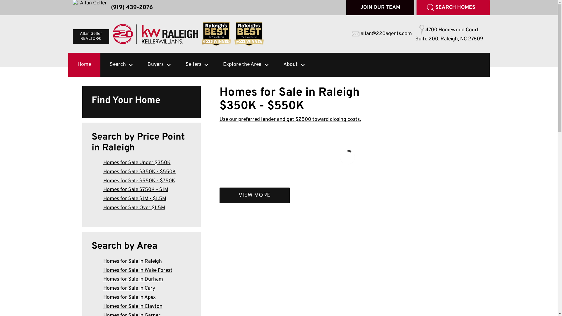 The image size is (562, 316). Describe the element at coordinates (382, 34) in the screenshot. I see `'allan@220agents.com'` at that location.